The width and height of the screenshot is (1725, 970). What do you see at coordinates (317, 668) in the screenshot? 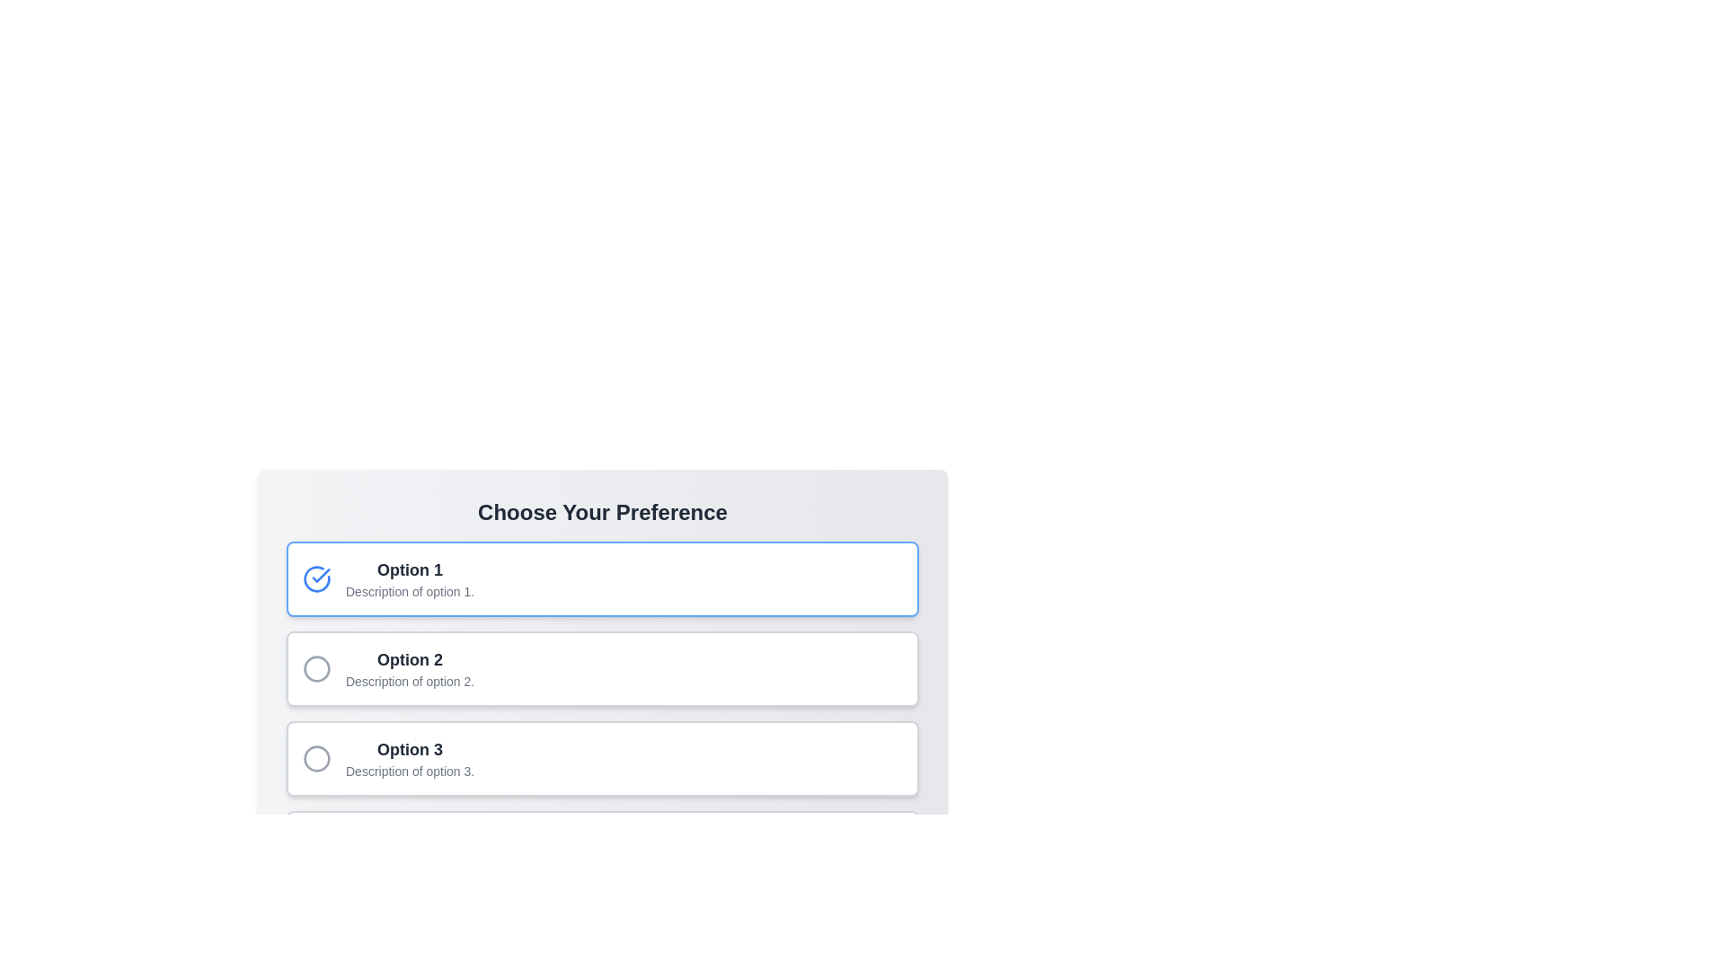
I see `the circular radio button indicator for 'Option 2'` at bounding box center [317, 668].